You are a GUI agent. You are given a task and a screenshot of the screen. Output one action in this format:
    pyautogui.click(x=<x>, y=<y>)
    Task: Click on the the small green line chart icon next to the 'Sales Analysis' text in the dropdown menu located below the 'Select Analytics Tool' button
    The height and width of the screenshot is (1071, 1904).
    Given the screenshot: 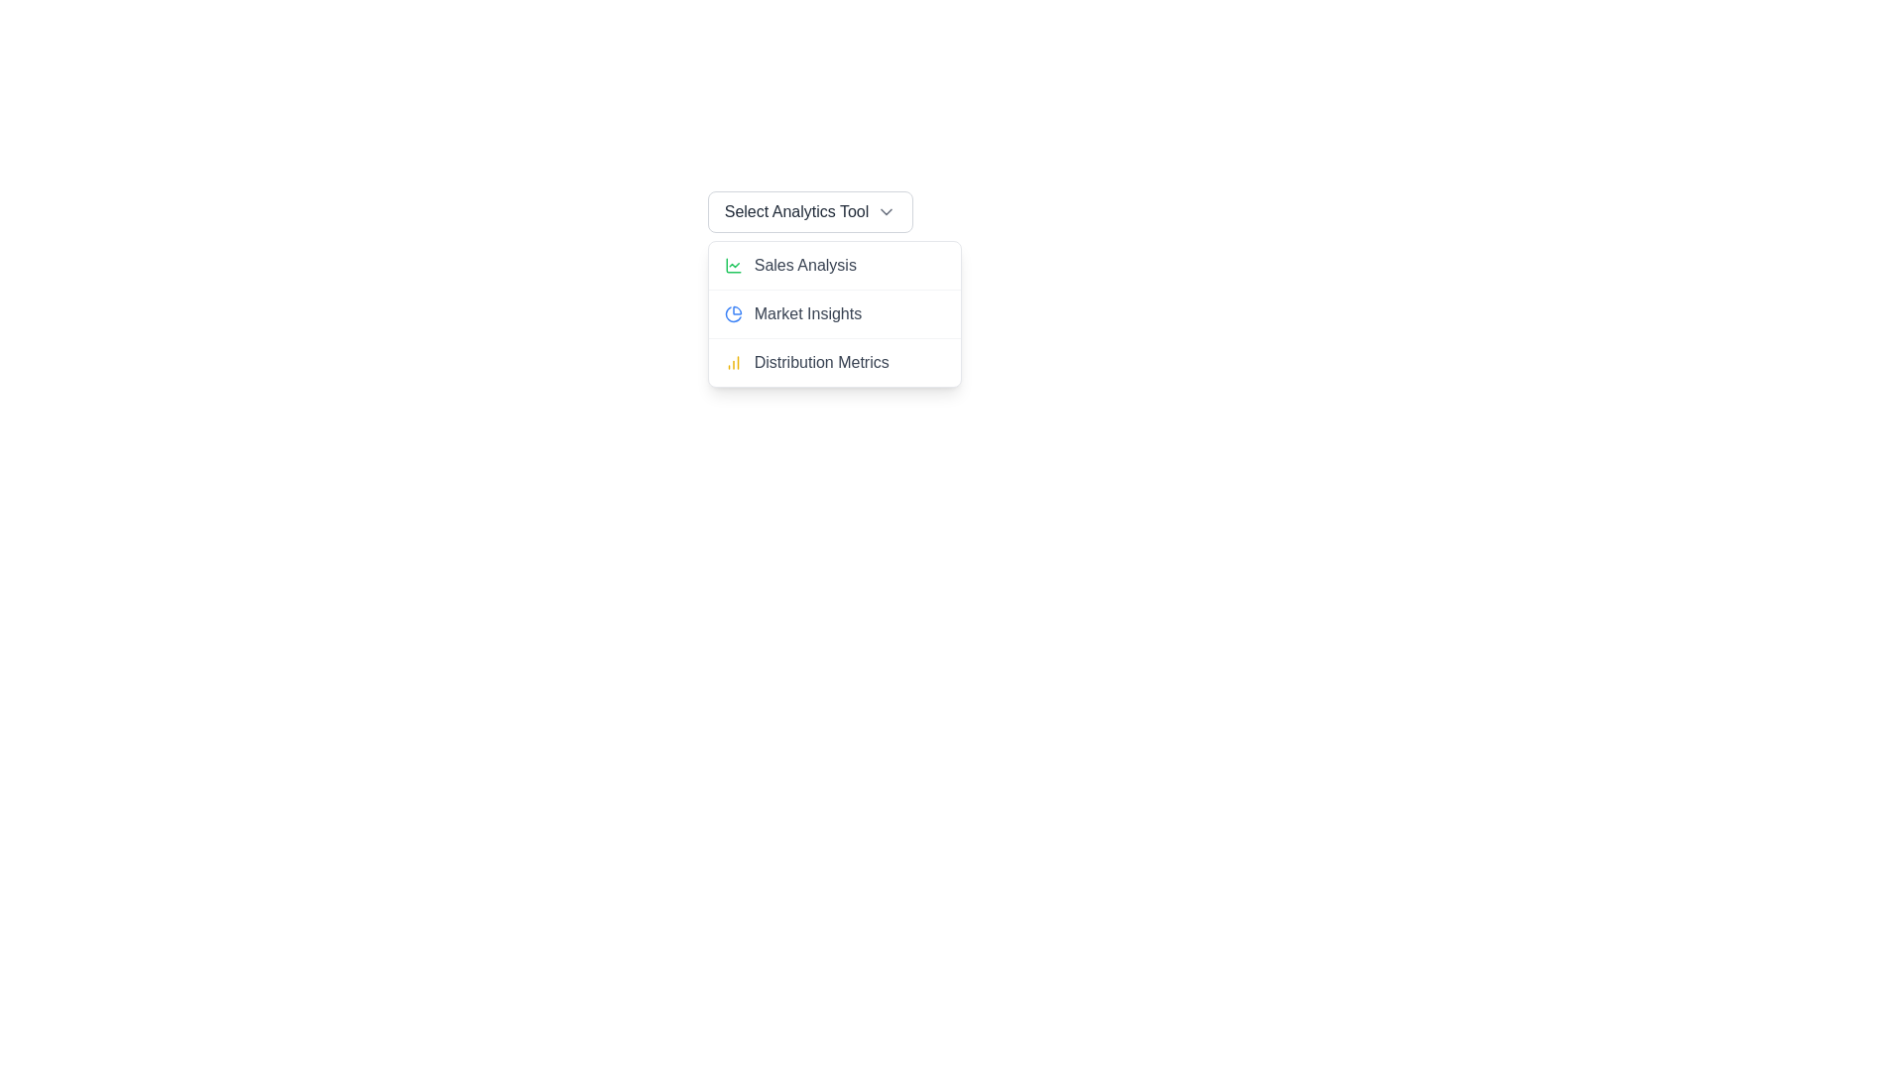 What is the action you would take?
    pyautogui.click(x=732, y=264)
    